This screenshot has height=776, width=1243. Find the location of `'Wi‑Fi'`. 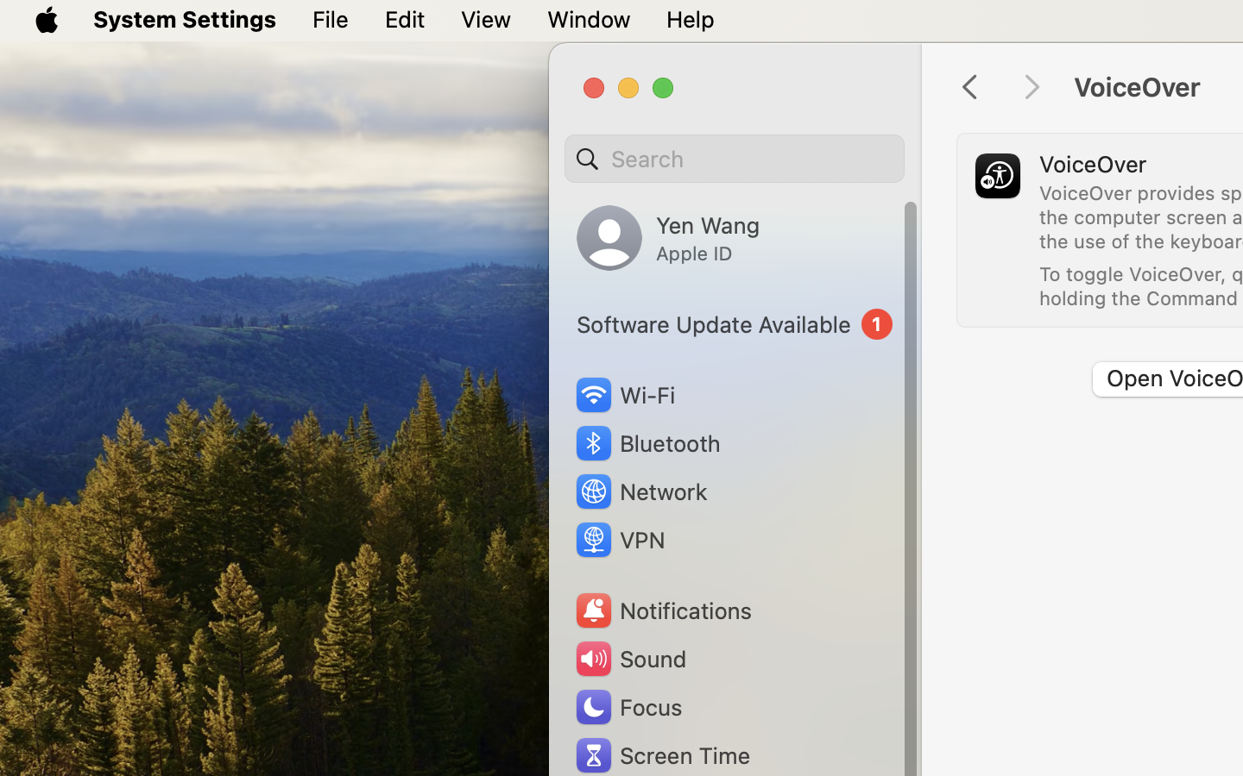

'Wi‑Fi' is located at coordinates (623, 394).